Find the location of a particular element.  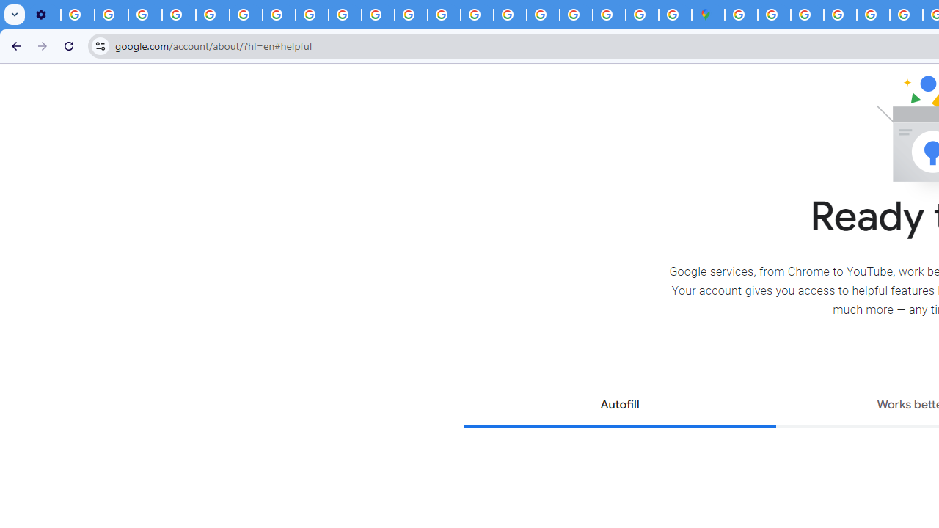

'Sign in - Google Accounts' is located at coordinates (741, 15).